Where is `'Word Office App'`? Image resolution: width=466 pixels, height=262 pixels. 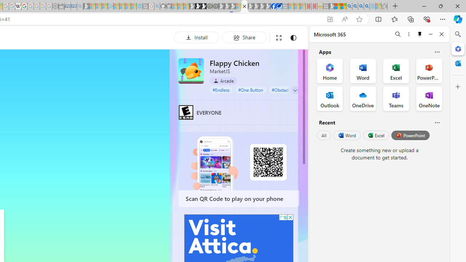 'Word Office App' is located at coordinates (363, 71).